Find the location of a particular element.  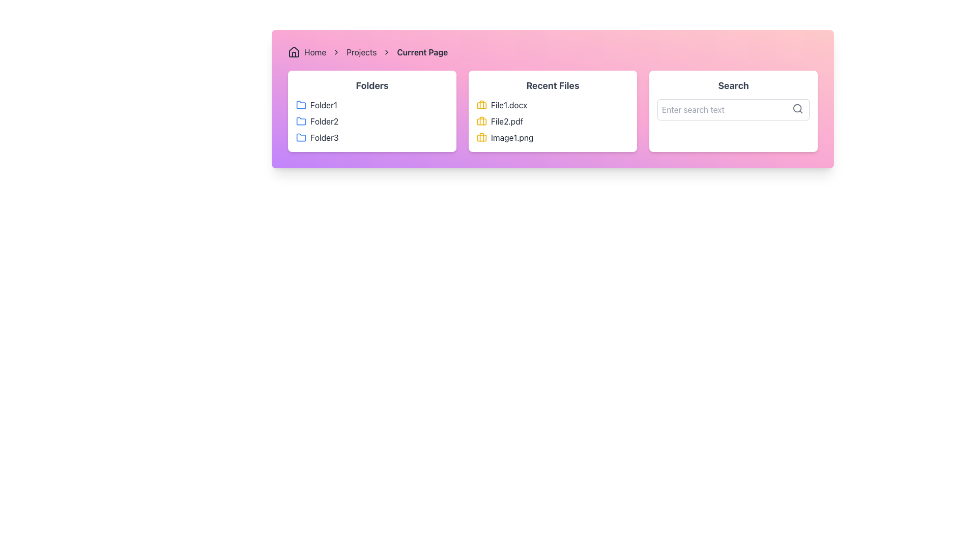

the text label 'Folder1' is located at coordinates (323, 105).